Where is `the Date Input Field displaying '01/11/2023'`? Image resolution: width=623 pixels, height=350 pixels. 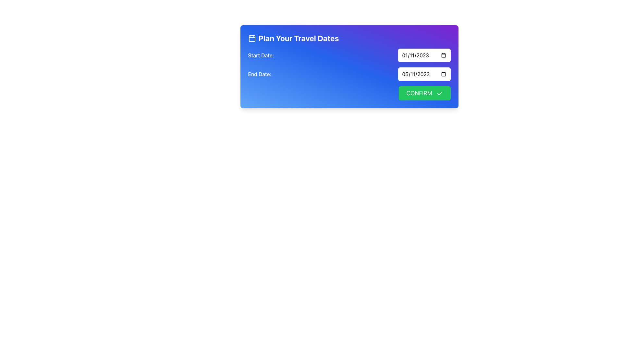
the Date Input Field displaying '01/11/2023' is located at coordinates (424, 55).